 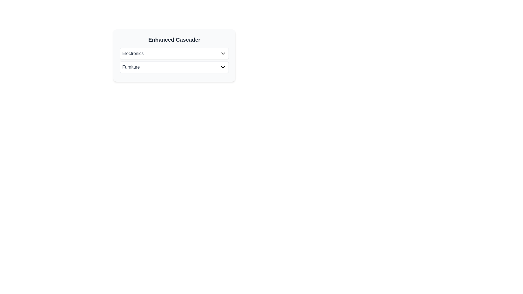 What do you see at coordinates (174, 39) in the screenshot?
I see `the text display header or title that serves as a label for the content below, positioned above the selectable options 'Electronics' and 'Furniture'` at bounding box center [174, 39].